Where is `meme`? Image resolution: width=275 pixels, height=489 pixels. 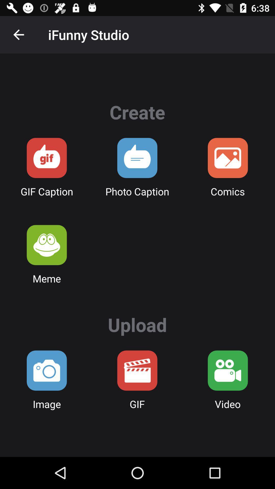 meme is located at coordinates (47, 245).